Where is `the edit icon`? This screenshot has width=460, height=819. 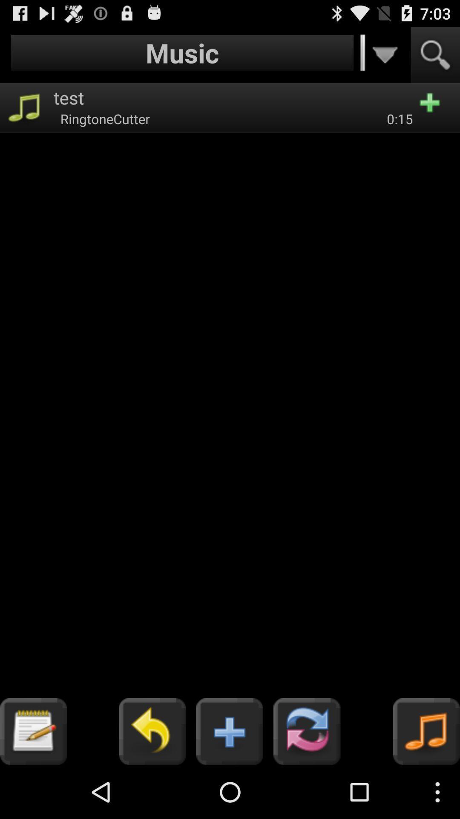 the edit icon is located at coordinates (33, 783).